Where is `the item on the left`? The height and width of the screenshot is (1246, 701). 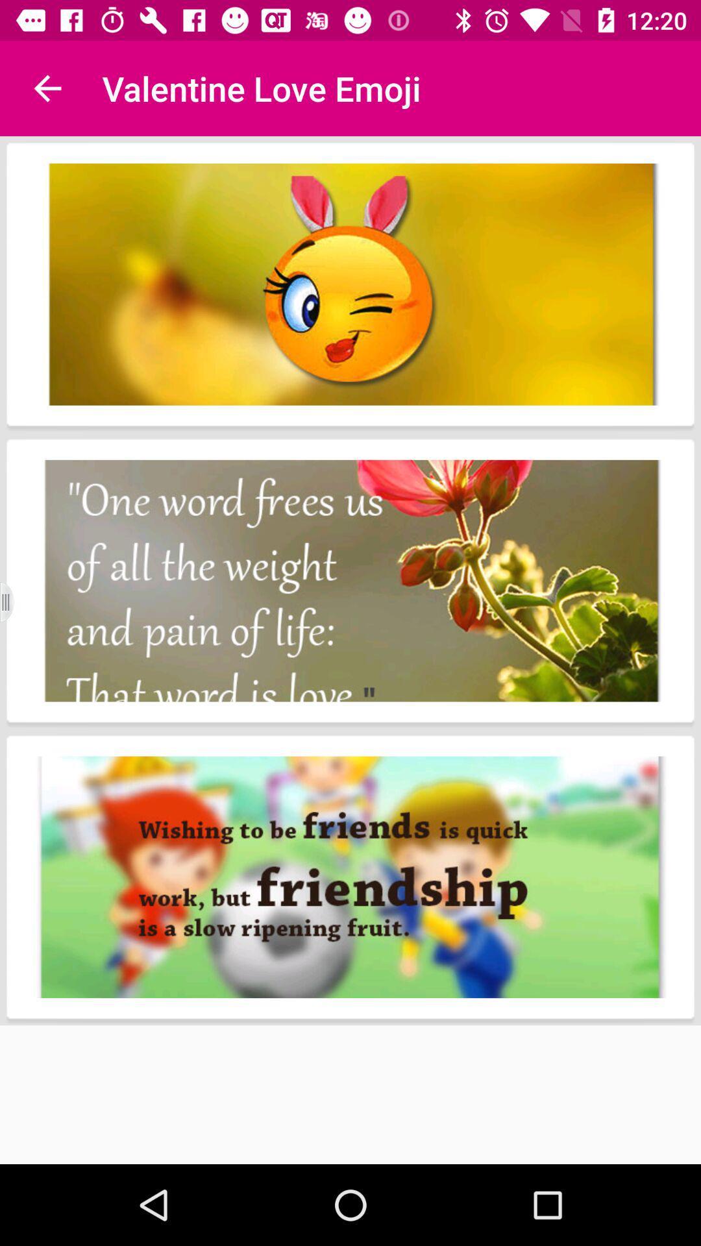 the item on the left is located at coordinates (15, 602).